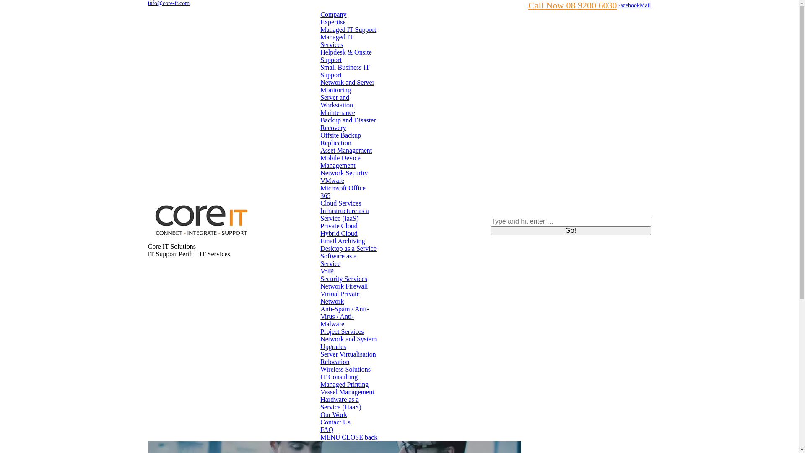  I want to click on 'Network and Server Monitoring', so click(347, 86).